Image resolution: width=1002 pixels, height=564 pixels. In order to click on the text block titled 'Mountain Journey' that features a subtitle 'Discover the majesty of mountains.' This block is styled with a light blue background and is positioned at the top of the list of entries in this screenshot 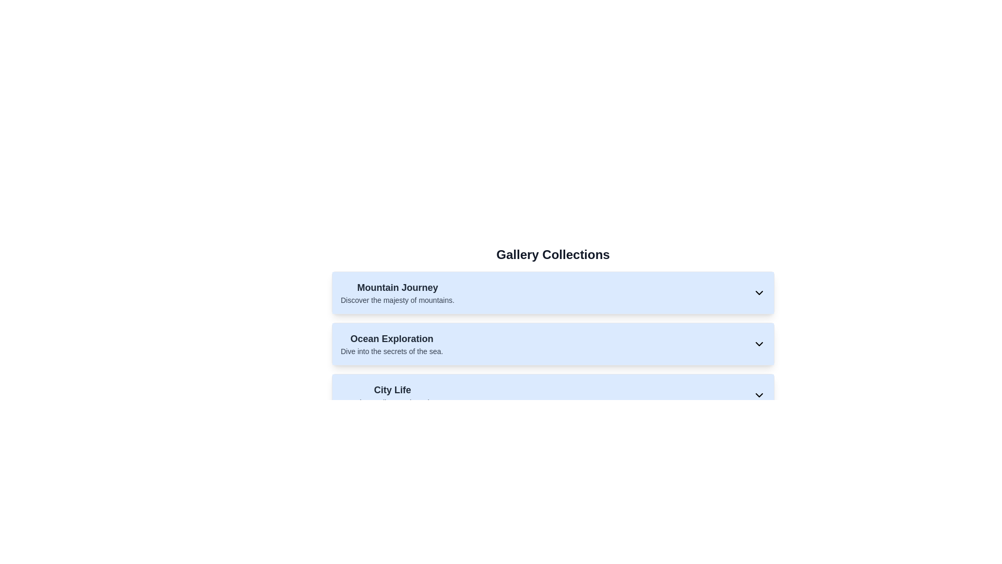, I will do `click(397, 292)`.